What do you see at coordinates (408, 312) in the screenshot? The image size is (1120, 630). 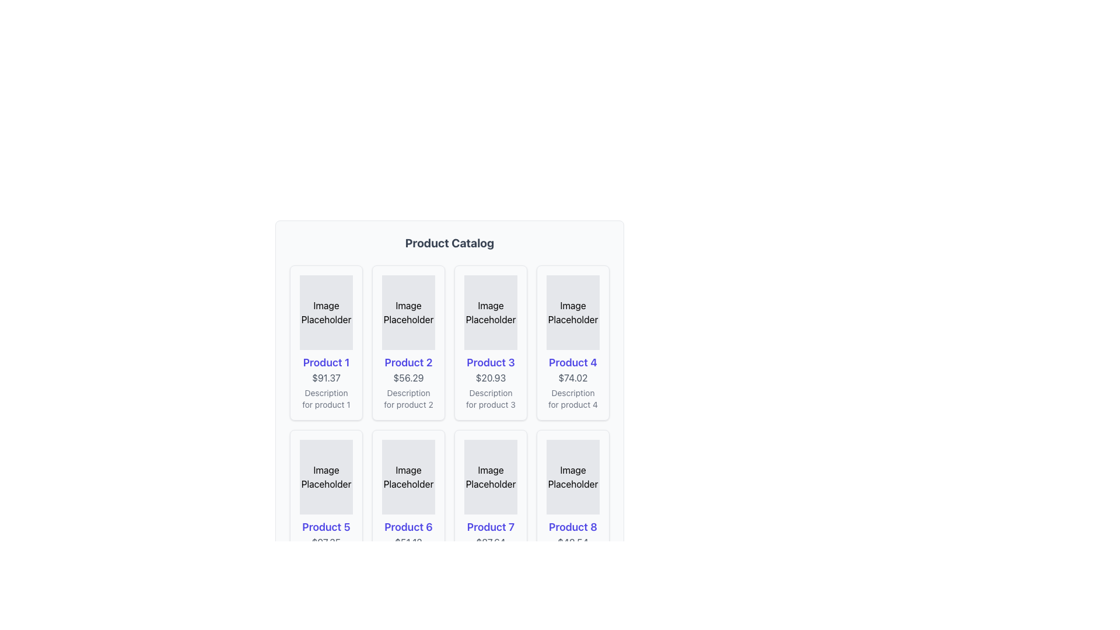 I see `the 'Image Placeholder' element, which is a rectangular area with the text 'Image Placeholder' centered in a light gray background located in the second column of the first row under 'Product Catalog'` at bounding box center [408, 312].